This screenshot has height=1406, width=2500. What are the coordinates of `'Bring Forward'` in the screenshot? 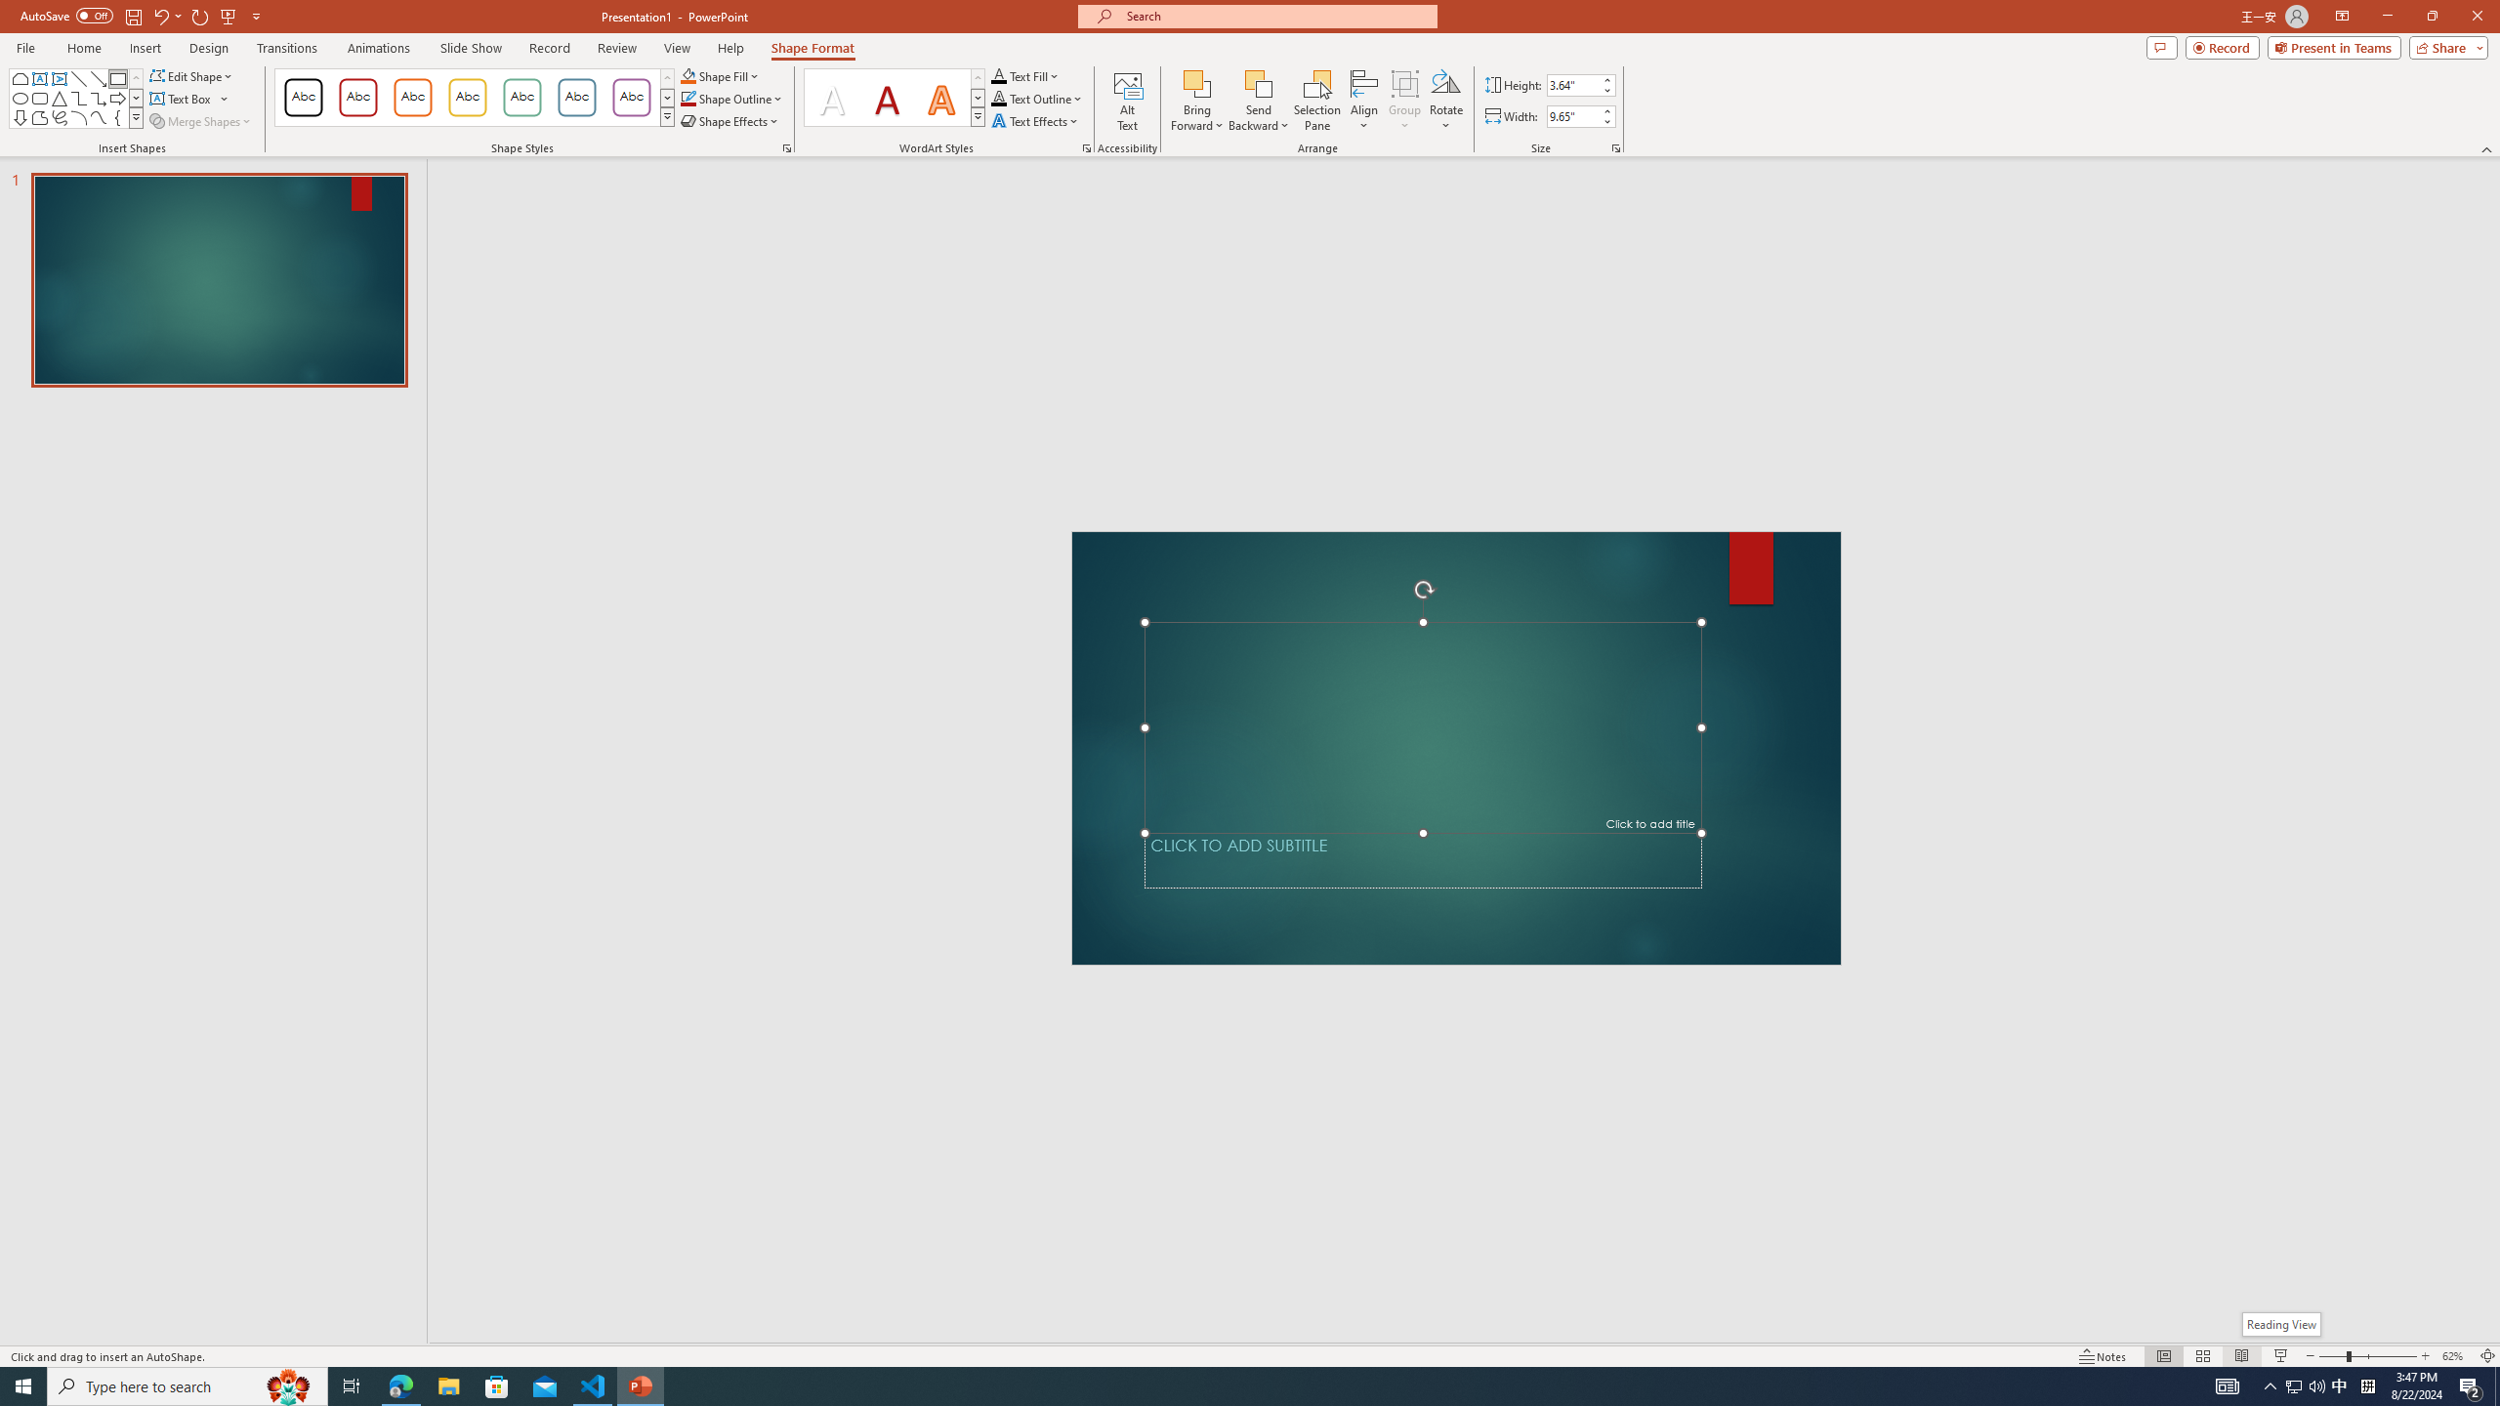 It's located at (1198, 82).